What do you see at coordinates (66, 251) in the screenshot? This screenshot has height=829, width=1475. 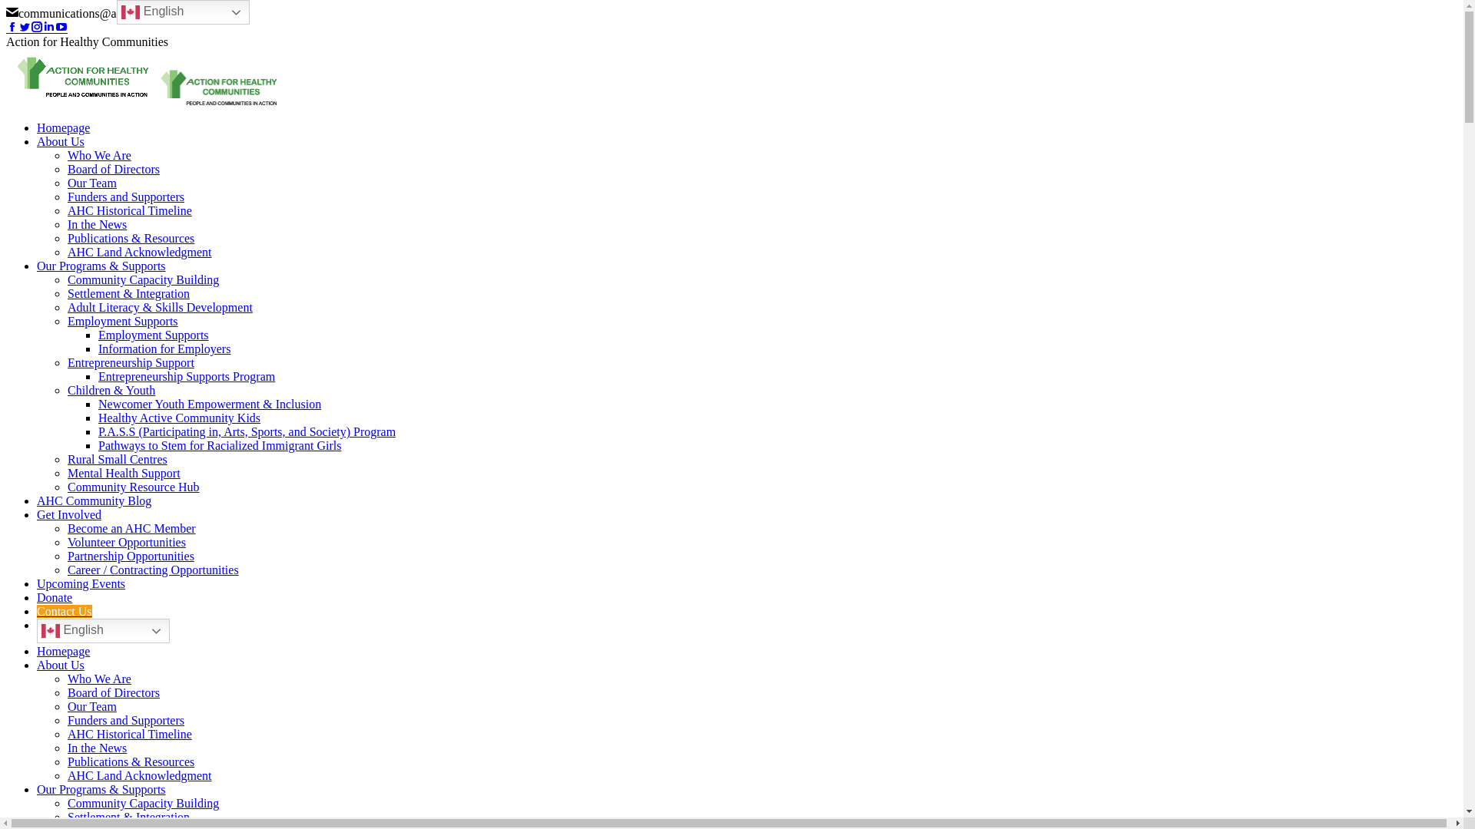 I see `'AHC Land Acknowledgment'` at bounding box center [66, 251].